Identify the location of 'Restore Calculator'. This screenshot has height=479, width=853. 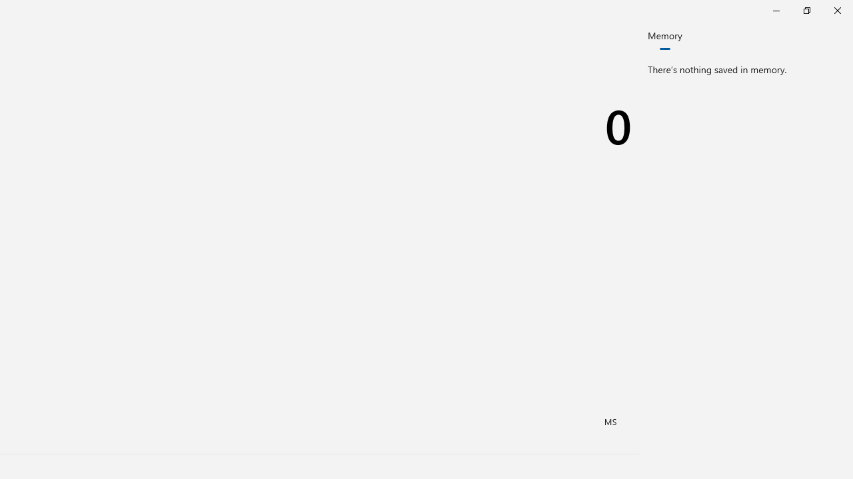
(806, 10).